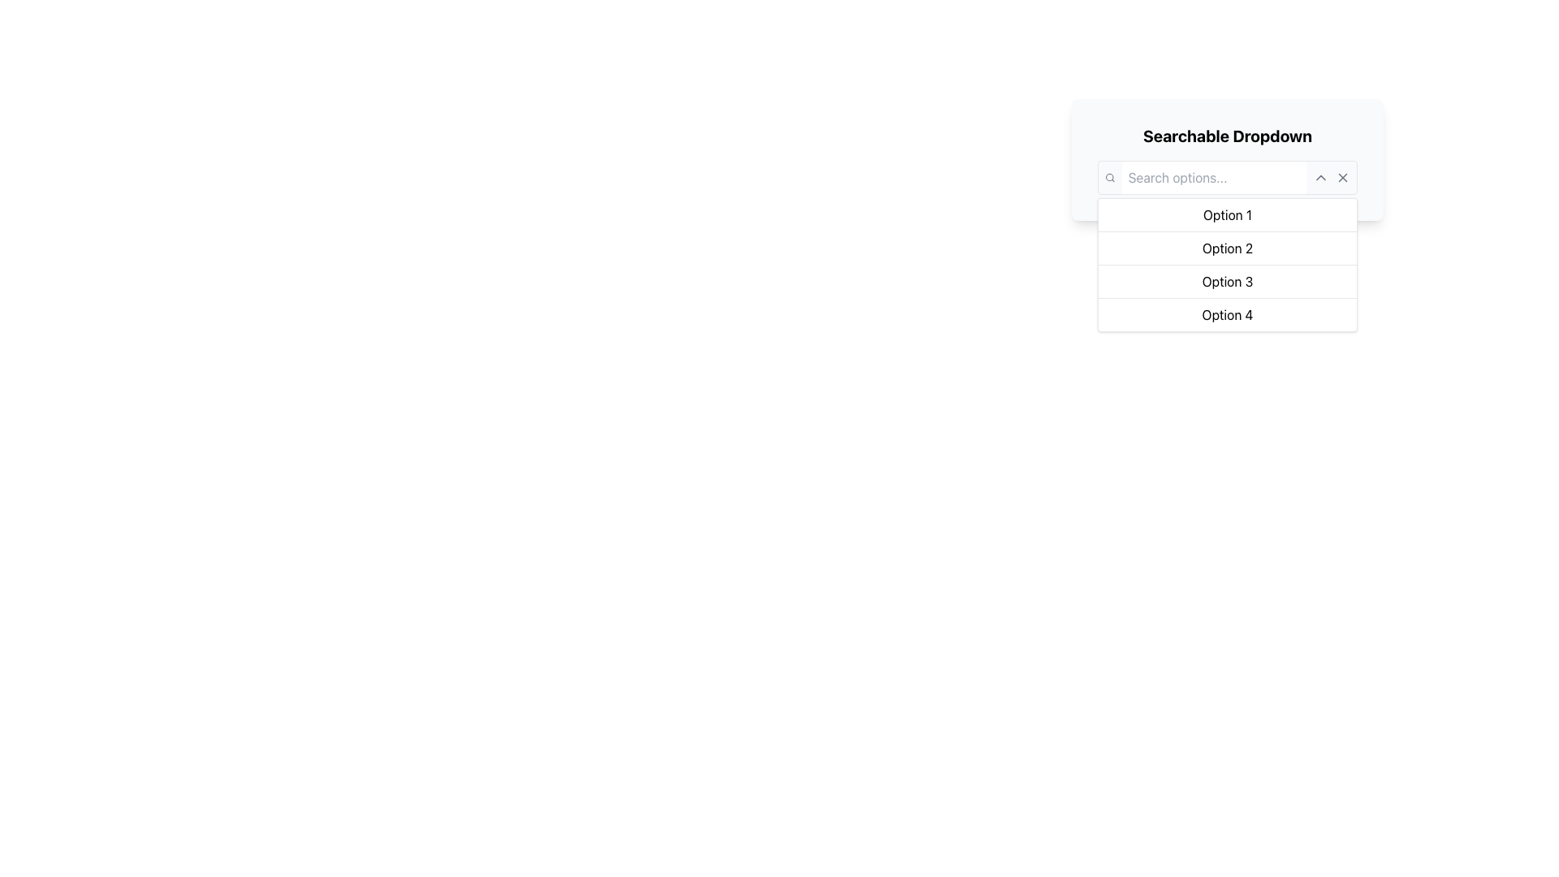  What do you see at coordinates (1228, 248) in the screenshot?
I see `the second option labeled 'Option 2' in the dropdown list below the 'Searchable Dropdown' search bar` at bounding box center [1228, 248].